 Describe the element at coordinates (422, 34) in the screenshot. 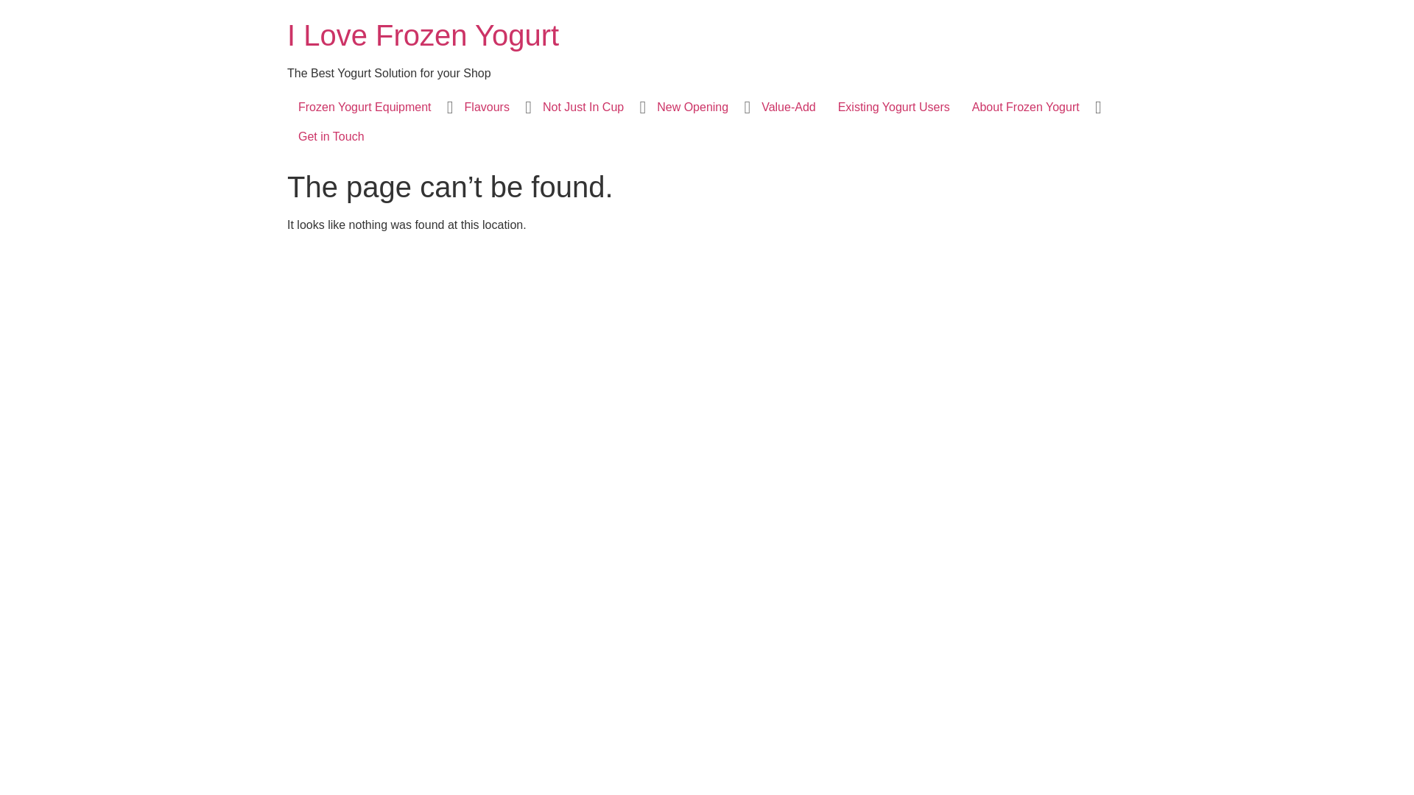

I see `'I Love Frozen Yogurt'` at that location.